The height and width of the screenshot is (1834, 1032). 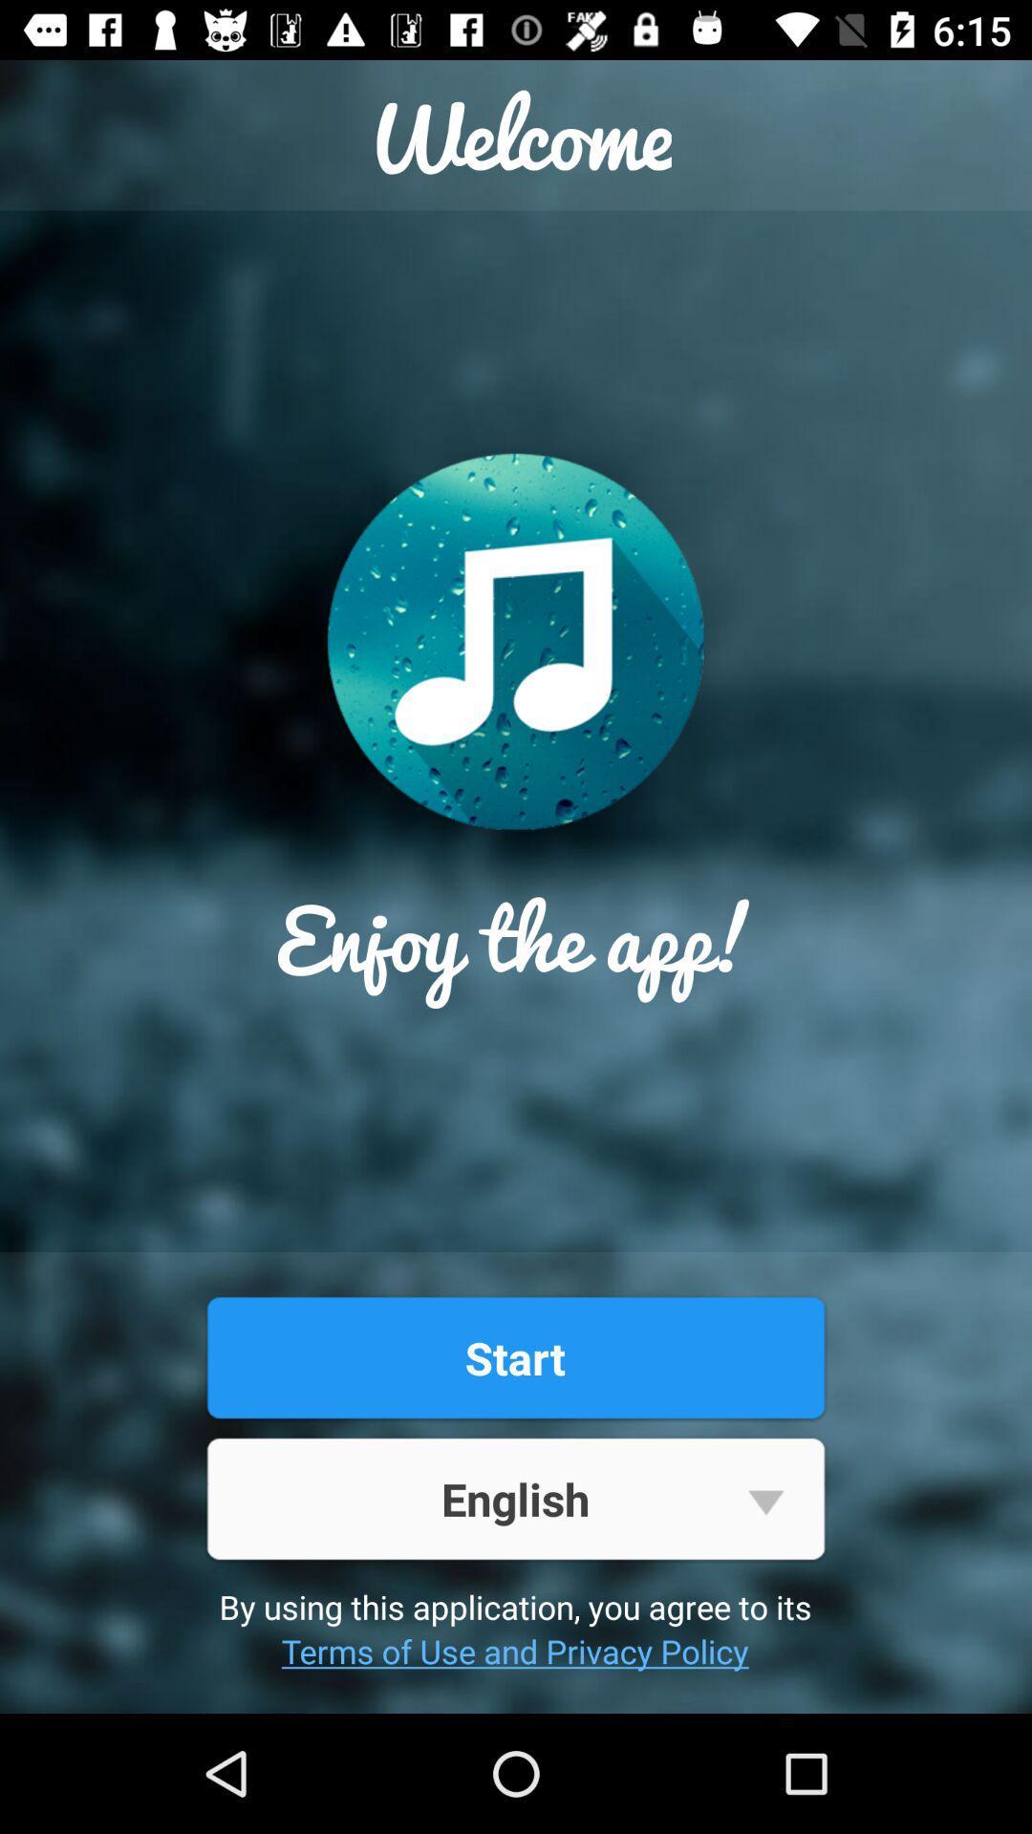 I want to click on start item, so click(x=514, y=1356).